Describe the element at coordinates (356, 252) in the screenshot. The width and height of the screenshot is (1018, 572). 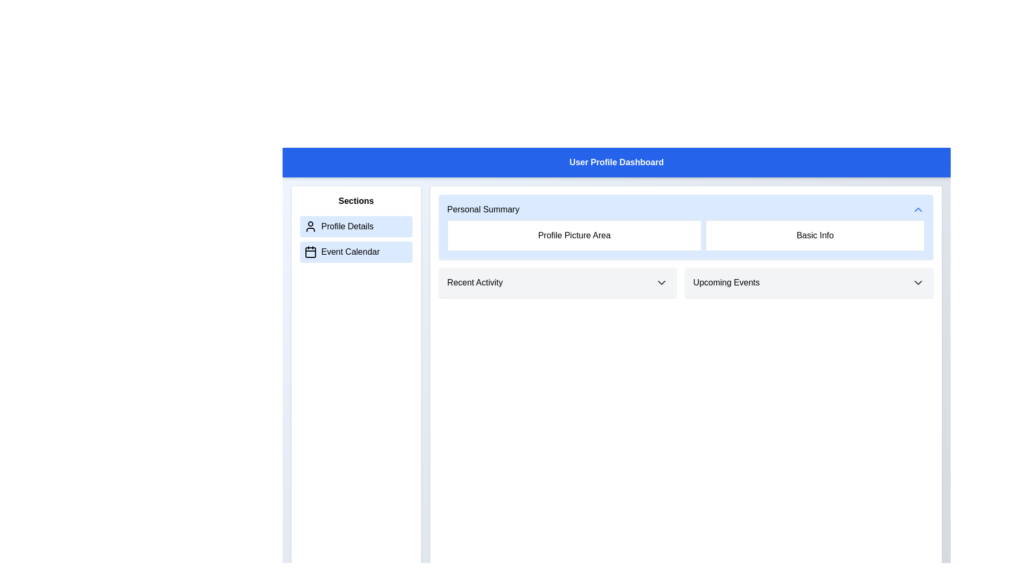
I see `the 'Event Calendar' button, which is a horizontally rectangular button with a light blue background and rounded corners, positioned below the 'Profile Details' button in the left sidebar labeled 'Sections'` at that location.